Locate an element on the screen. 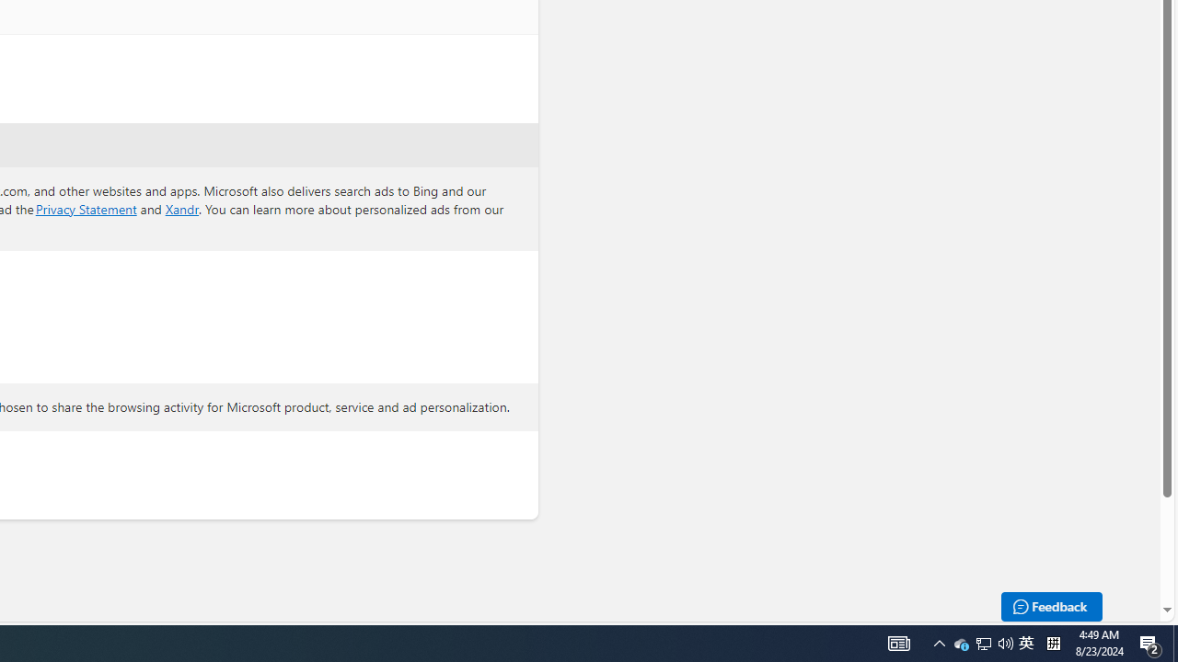 This screenshot has height=662, width=1178. 'Xandr' is located at coordinates (182, 207).